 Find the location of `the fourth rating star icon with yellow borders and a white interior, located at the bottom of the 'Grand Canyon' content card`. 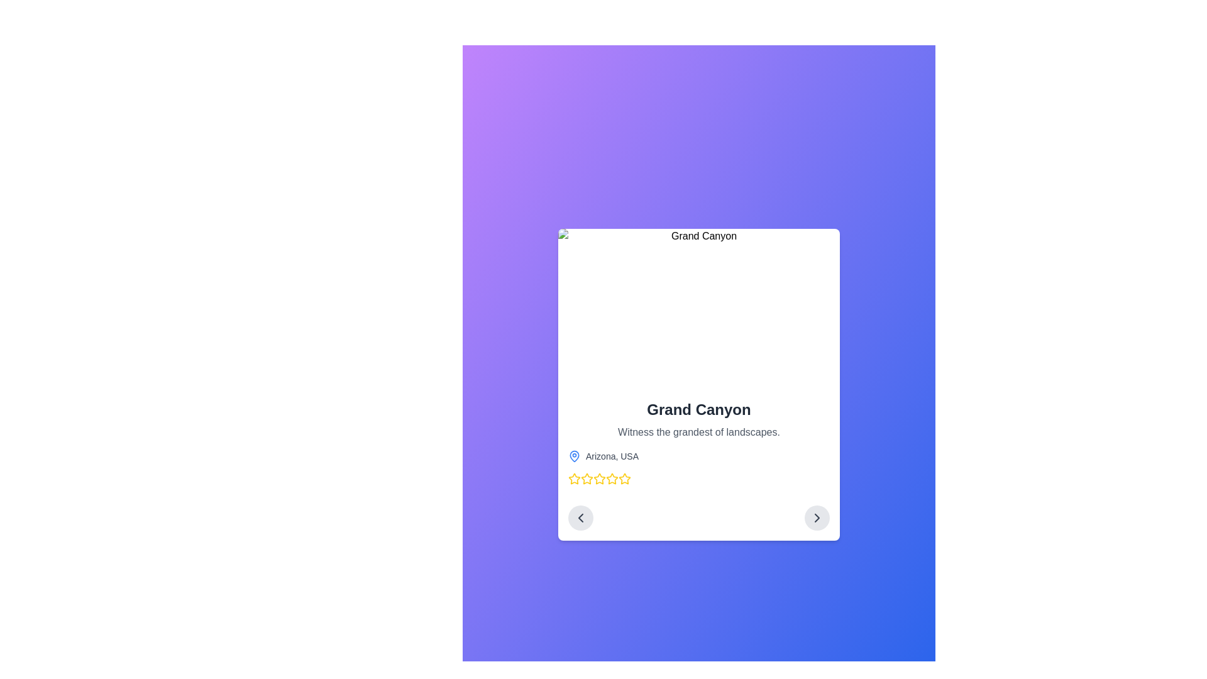

the fourth rating star icon with yellow borders and a white interior, located at the bottom of the 'Grand Canyon' content card is located at coordinates (612, 478).